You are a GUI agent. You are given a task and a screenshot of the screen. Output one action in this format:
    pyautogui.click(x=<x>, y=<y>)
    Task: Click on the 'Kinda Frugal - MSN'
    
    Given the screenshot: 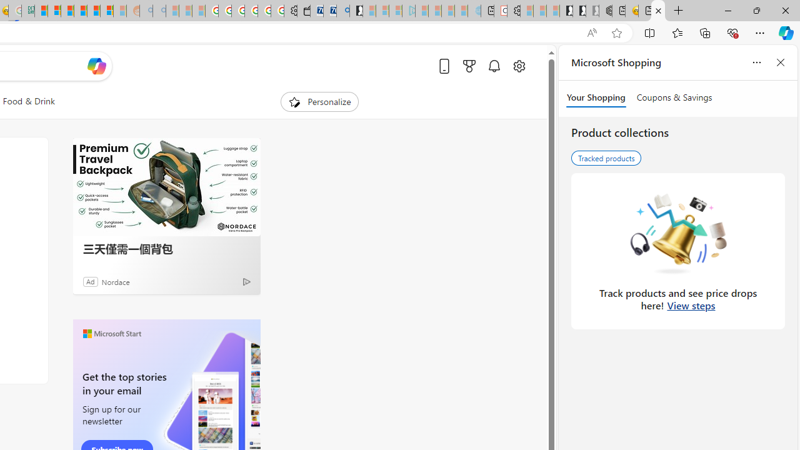 What is the action you would take?
    pyautogui.click(x=92, y=11)
    